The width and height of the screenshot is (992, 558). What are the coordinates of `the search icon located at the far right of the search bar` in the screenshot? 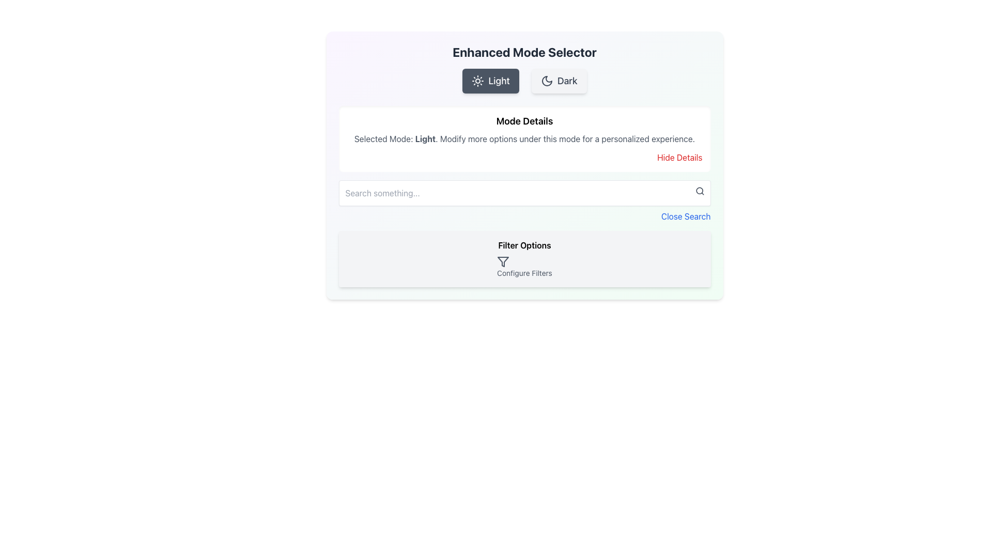 It's located at (700, 191).